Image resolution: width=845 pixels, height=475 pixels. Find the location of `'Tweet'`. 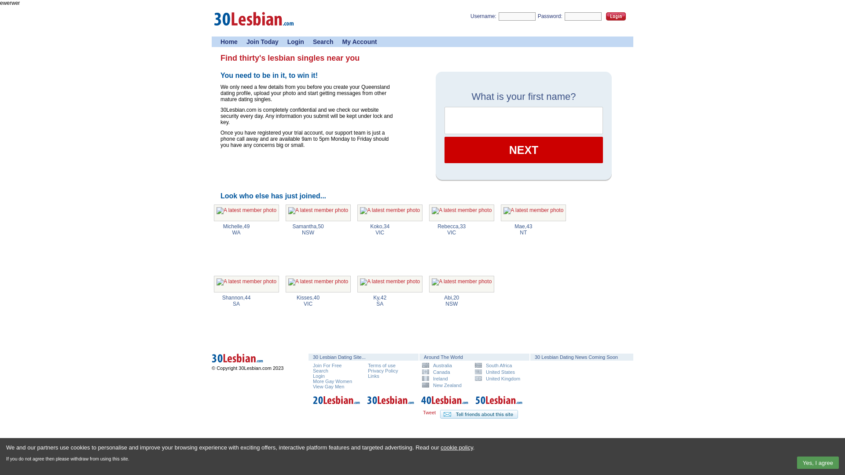

'Tweet' is located at coordinates (422, 412).